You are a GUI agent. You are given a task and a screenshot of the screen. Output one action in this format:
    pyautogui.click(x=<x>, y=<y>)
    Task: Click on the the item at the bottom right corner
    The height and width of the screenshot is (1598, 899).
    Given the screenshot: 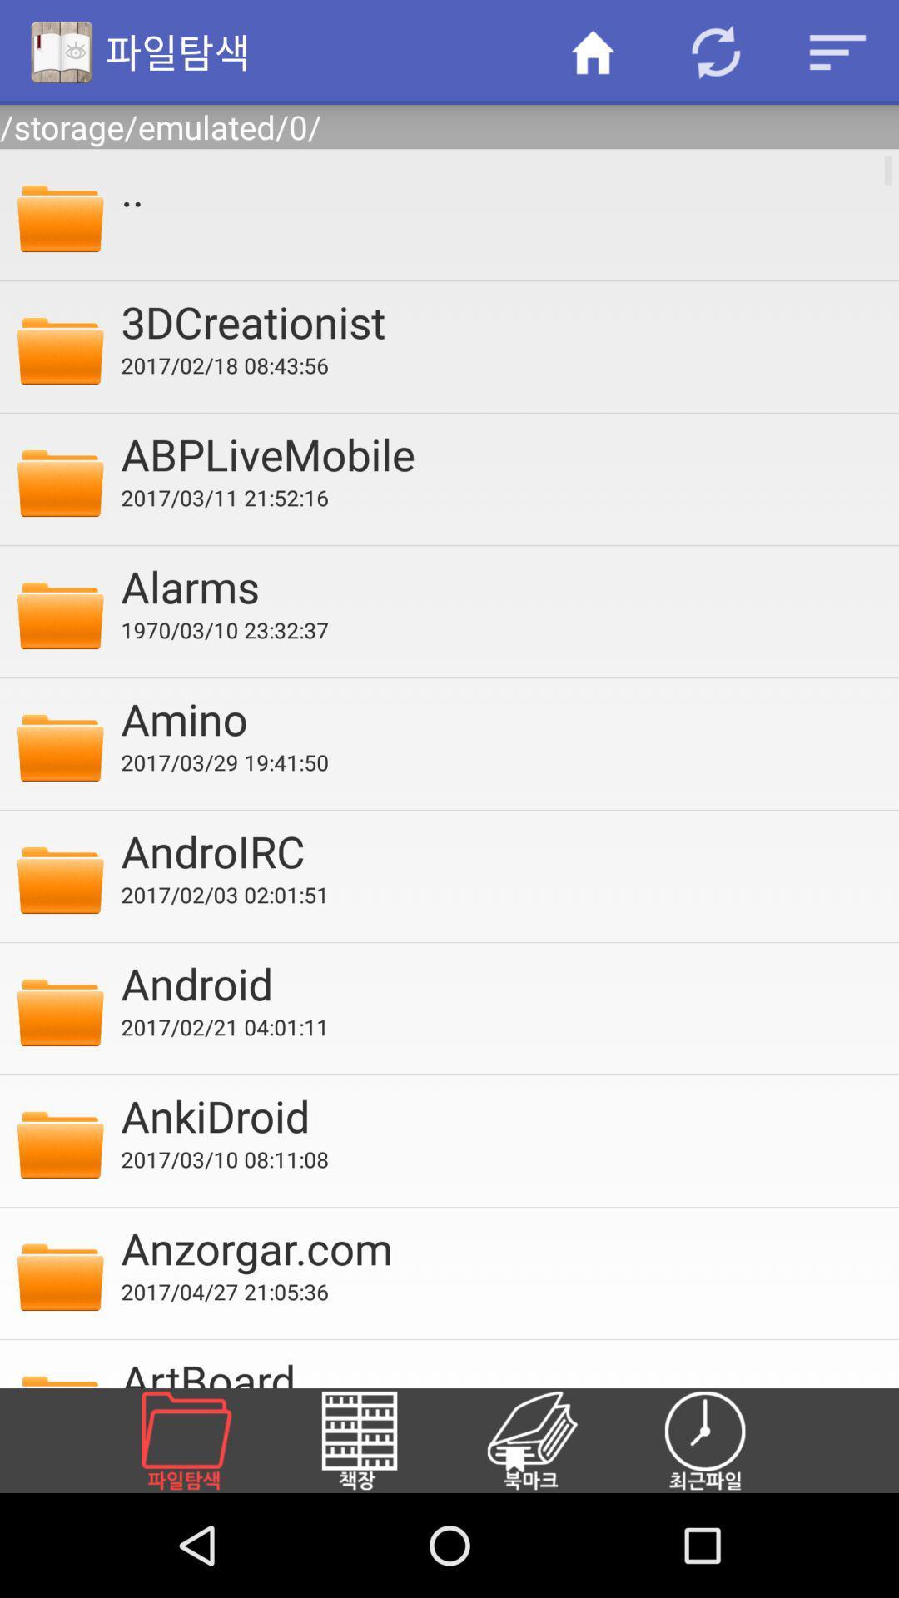 What is the action you would take?
    pyautogui.click(x=724, y=1440)
    